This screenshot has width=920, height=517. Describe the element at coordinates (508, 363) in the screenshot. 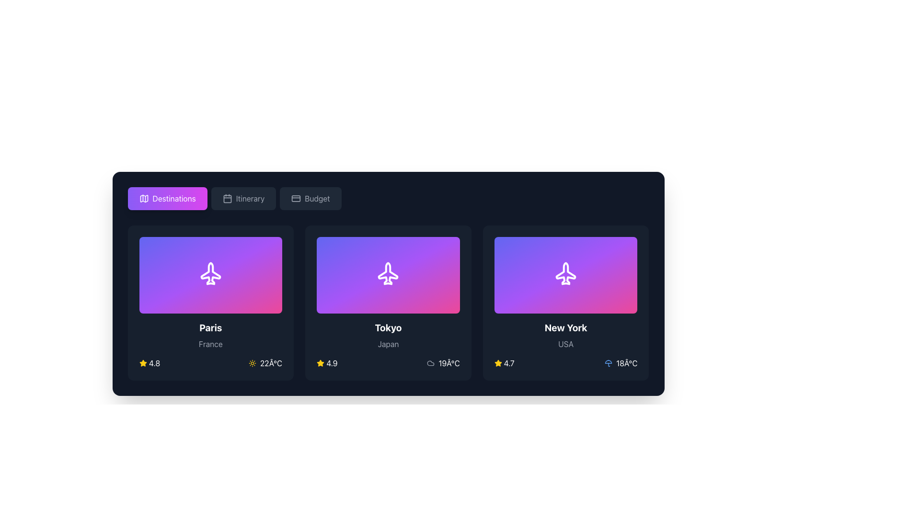

I see `the static text label displaying '4.7' that is positioned to the right of a yellow star icon in the rating section of the 'New York' card in the third column` at that location.